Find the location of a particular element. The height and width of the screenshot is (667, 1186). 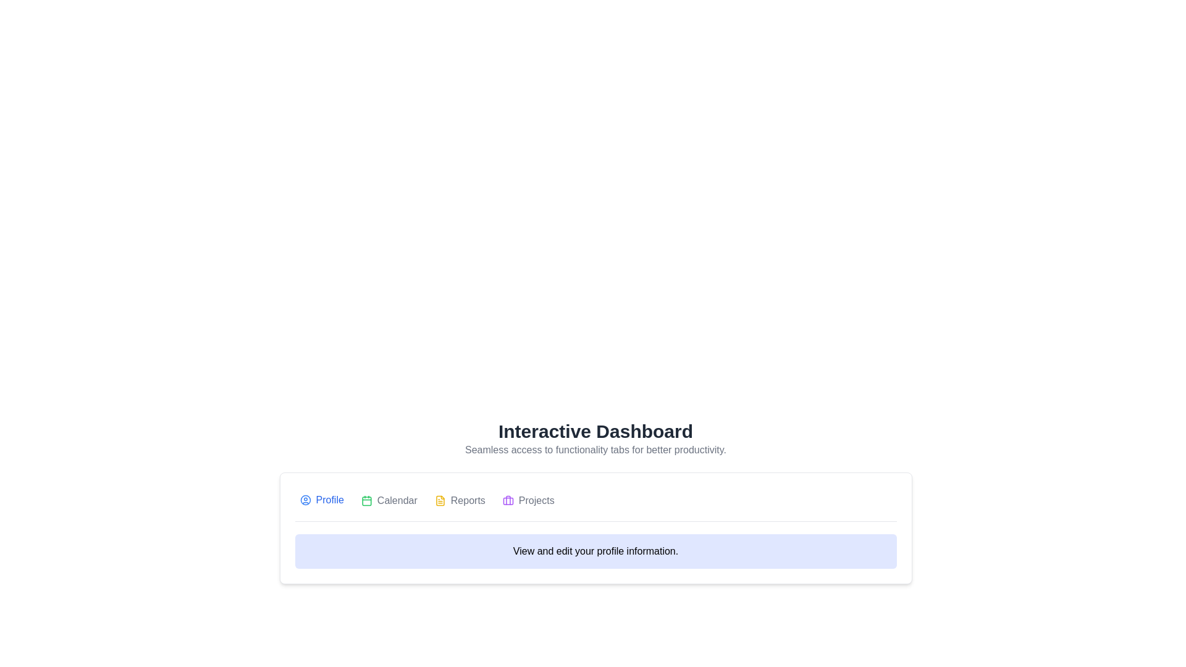

the circular user avatar icon with a blue outline that represents the user profile, located inside the 'Profile' navigation button on the far left of the menu bar is located at coordinates (305, 500).